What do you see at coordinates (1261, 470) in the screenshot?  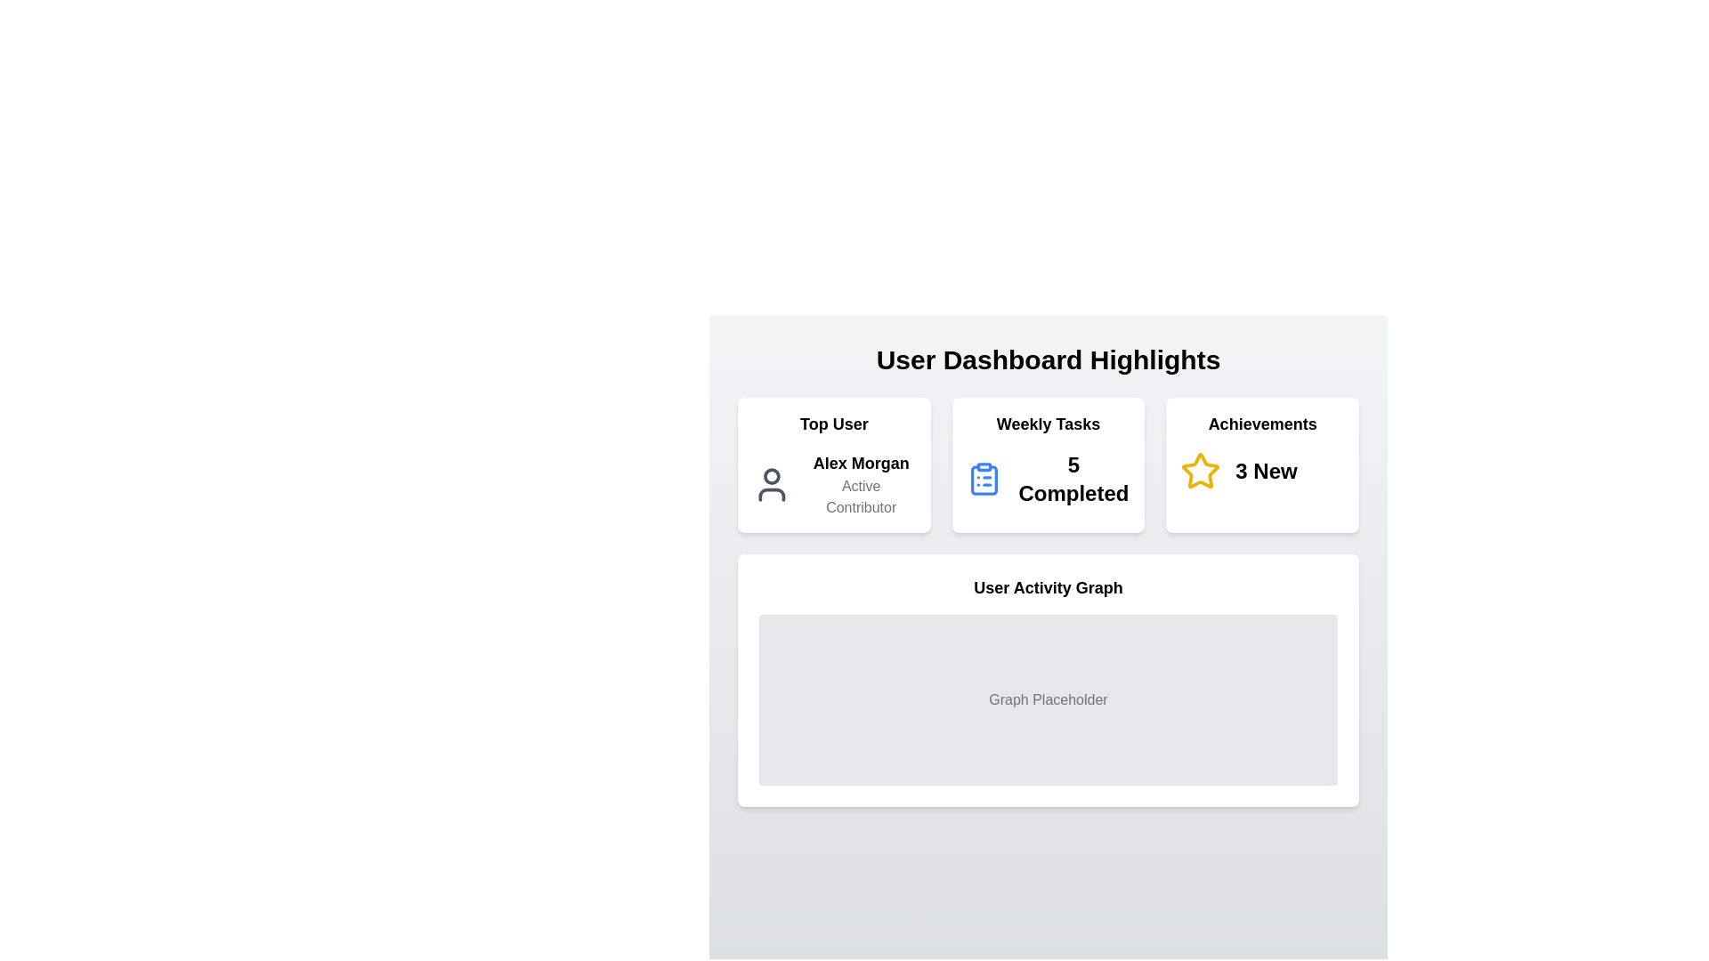 I see `the '3 New' text with the yellow star icon from the Achievements card` at bounding box center [1261, 470].